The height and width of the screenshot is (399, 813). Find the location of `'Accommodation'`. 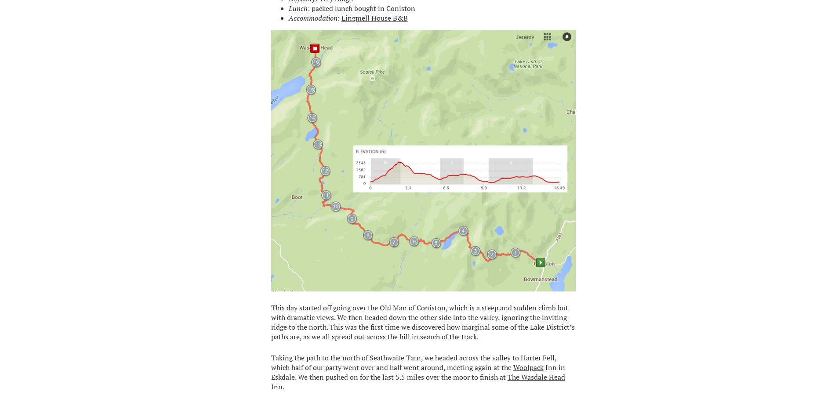

'Accommodation' is located at coordinates (312, 17).